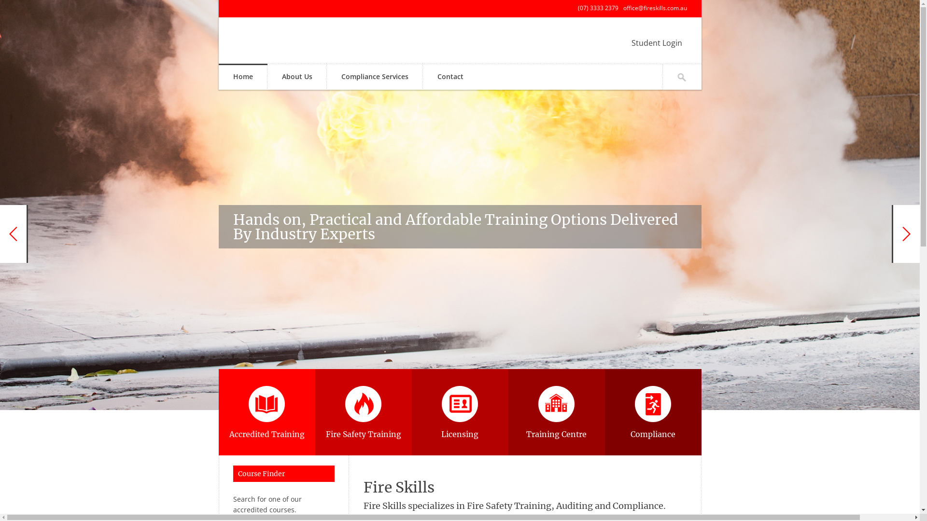  Describe the element at coordinates (905, 234) in the screenshot. I see `'Next'` at that location.